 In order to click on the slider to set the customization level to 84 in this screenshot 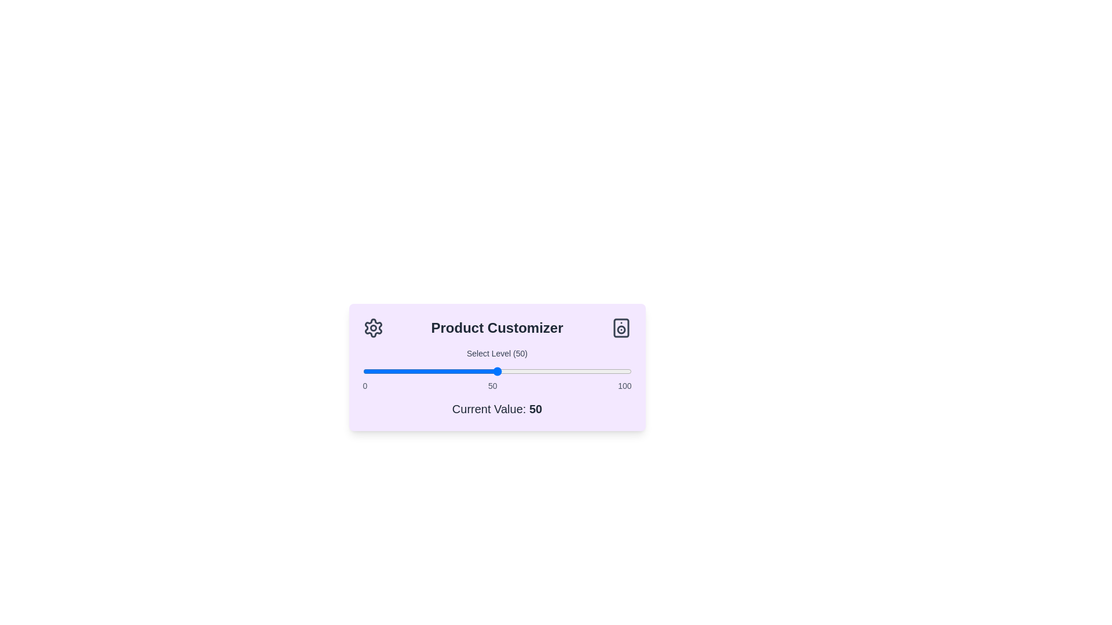, I will do `click(588, 371)`.